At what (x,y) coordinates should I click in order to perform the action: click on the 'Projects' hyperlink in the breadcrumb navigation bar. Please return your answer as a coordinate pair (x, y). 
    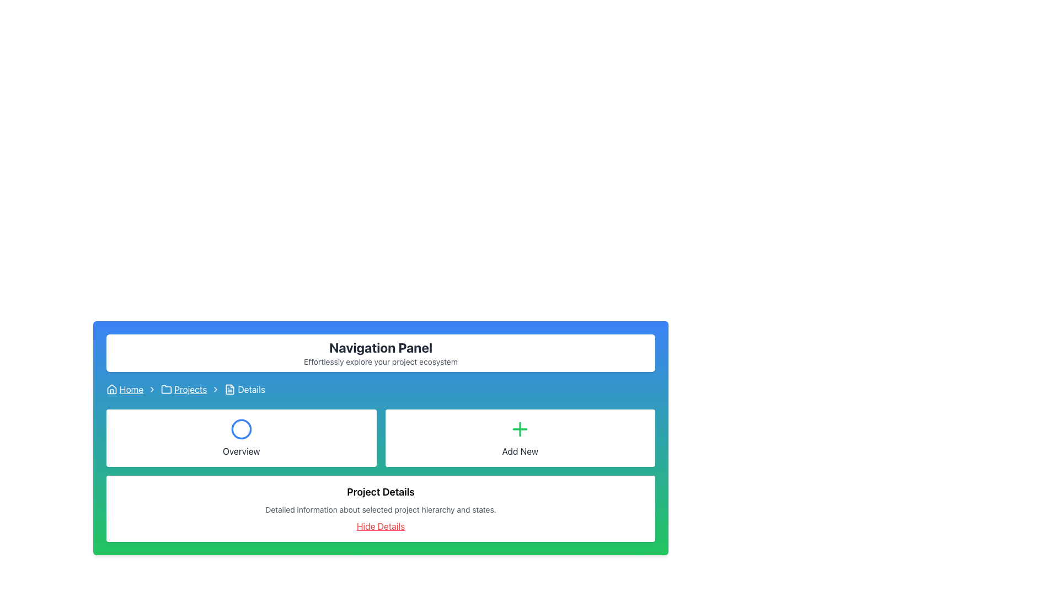
    Looking at the image, I should click on (190, 389).